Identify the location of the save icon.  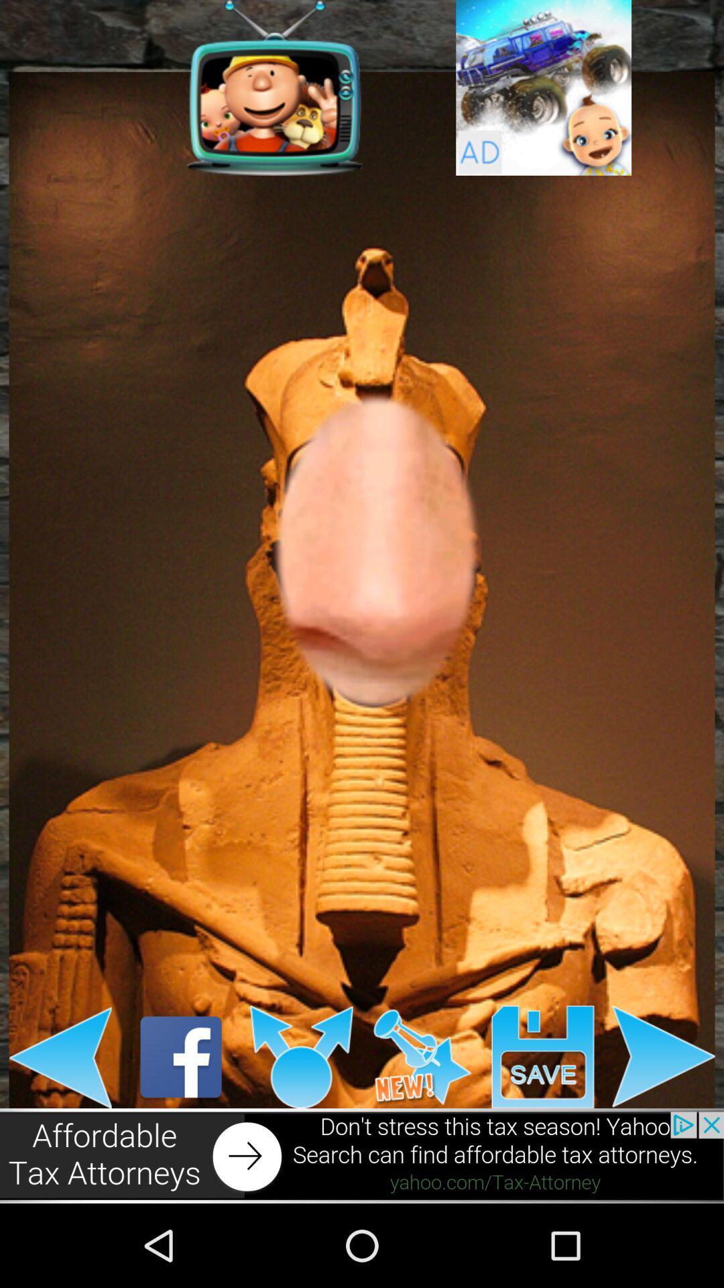
(543, 1130).